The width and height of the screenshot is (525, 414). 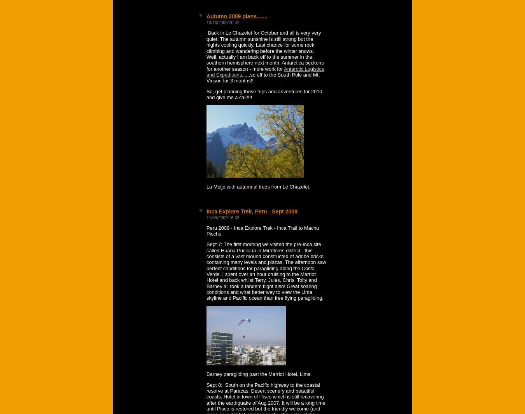 I want to click on 'La Meije with autumnal trees from Le Chazelet.', so click(x=258, y=186).